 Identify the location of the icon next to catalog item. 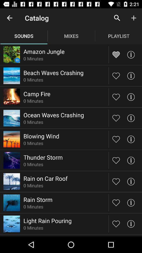
(9, 18).